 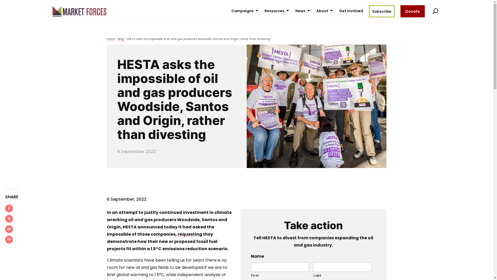 I want to click on 'Blog', so click(x=120, y=39).